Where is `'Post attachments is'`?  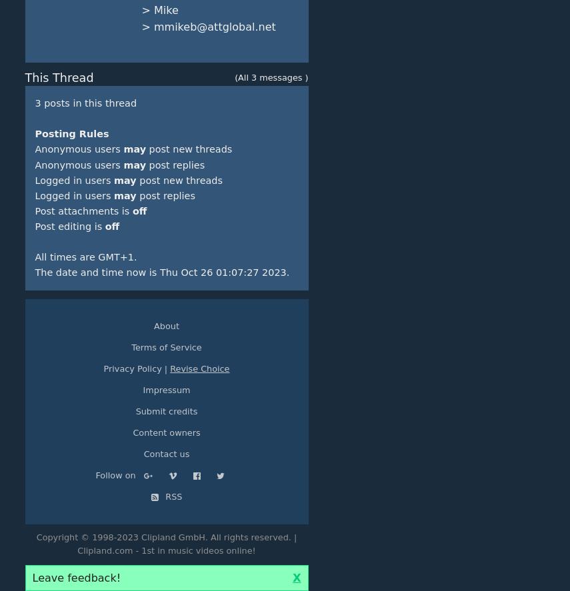 'Post attachments is' is located at coordinates (83, 211).